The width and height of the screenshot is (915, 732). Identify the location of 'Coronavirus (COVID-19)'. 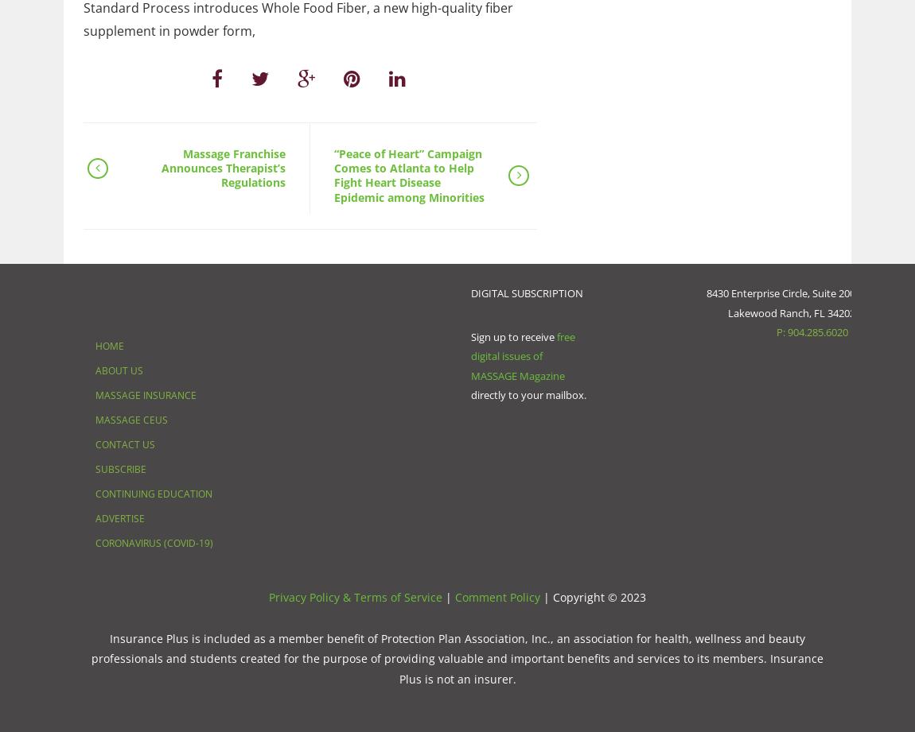
(94, 542).